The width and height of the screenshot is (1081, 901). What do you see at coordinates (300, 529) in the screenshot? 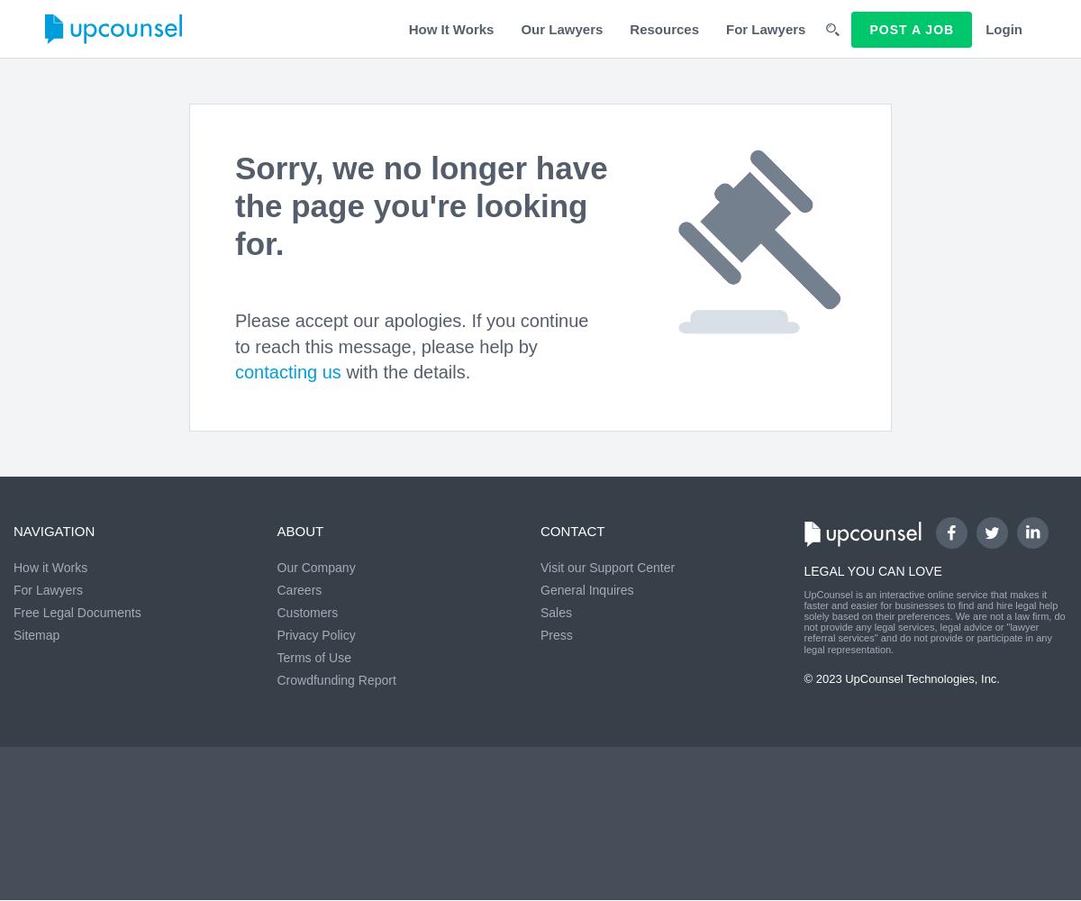
I see `'About'` at bounding box center [300, 529].